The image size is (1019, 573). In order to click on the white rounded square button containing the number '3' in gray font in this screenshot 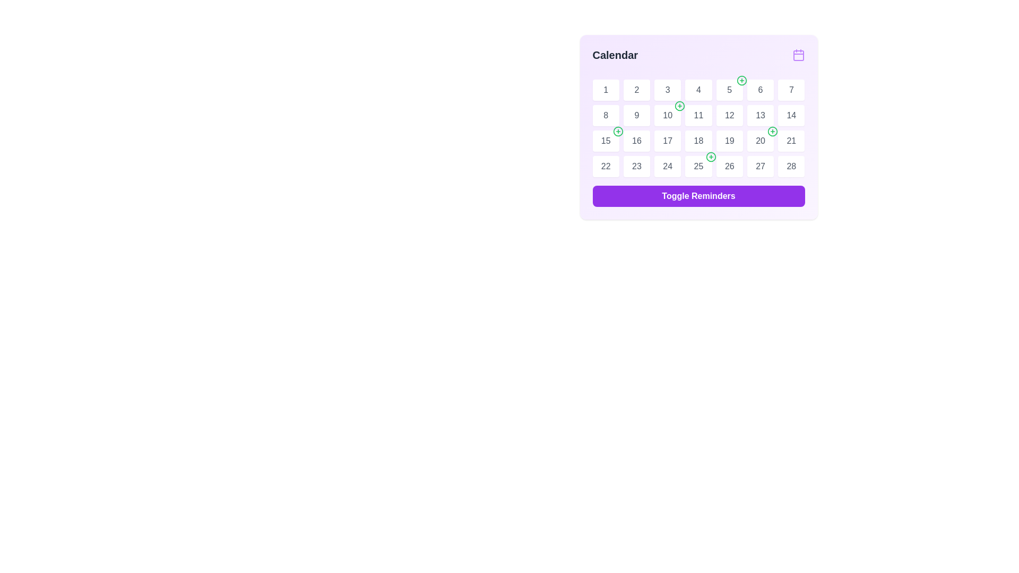, I will do `click(667, 89)`.